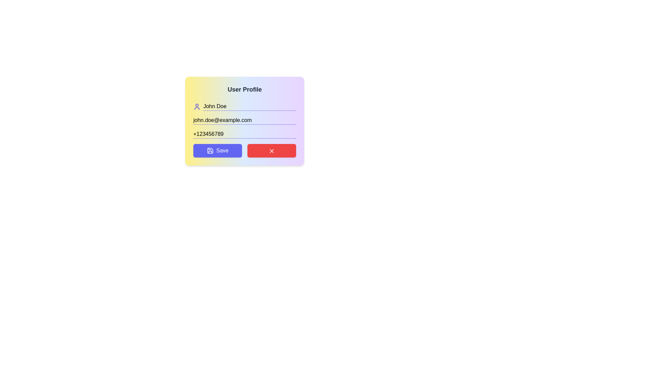  I want to click on the 'Save' button, which has a purple background, white text, and a save disk icon, located at the bottom center of the panel, so click(217, 150).